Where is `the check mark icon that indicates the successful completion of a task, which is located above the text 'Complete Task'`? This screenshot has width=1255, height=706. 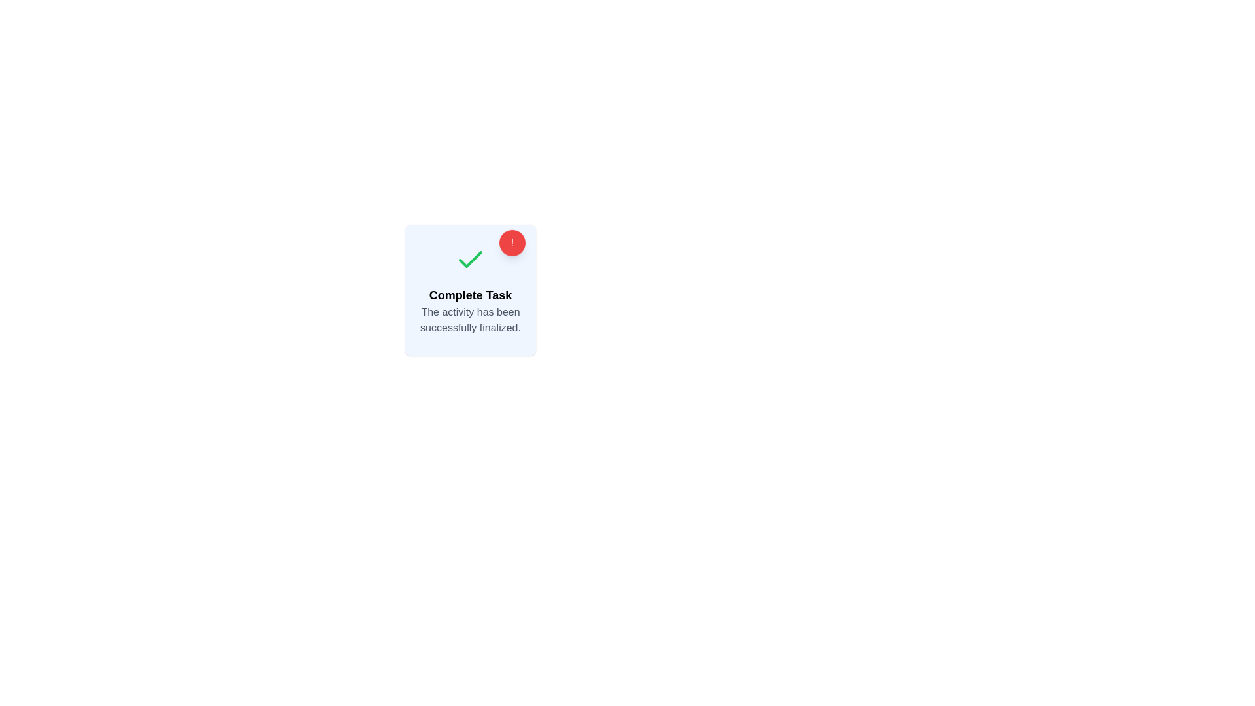 the check mark icon that indicates the successful completion of a task, which is located above the text 'Complete Task' is located at coordinates (471, 260).